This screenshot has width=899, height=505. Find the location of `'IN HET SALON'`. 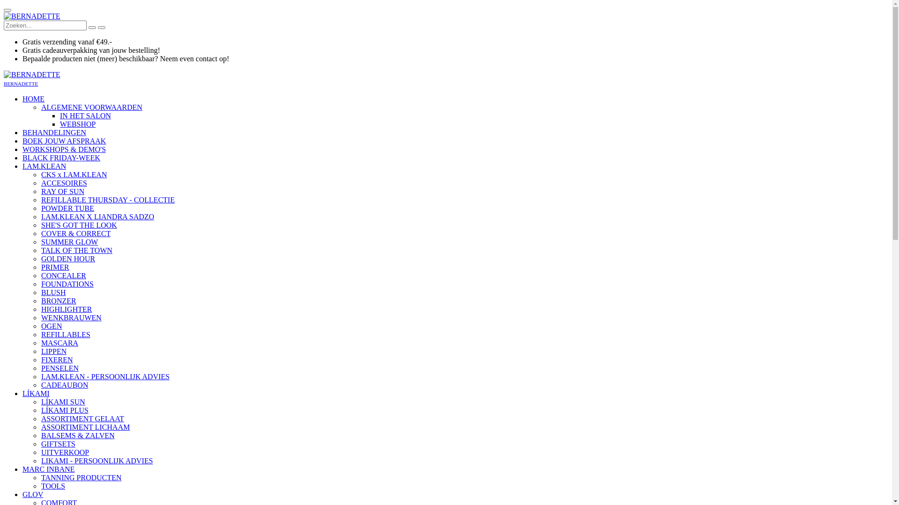

'IN HET SALON' is located at coordinates (85, 115).